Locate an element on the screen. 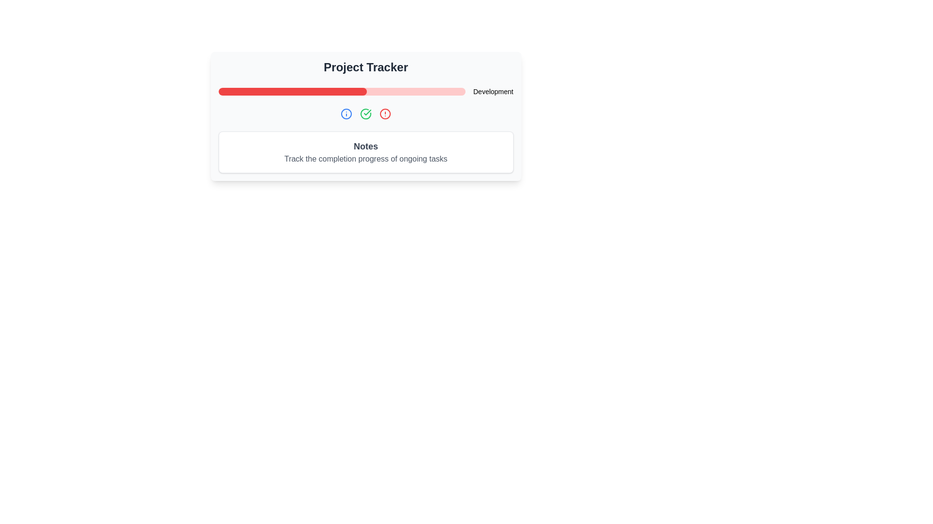 The width and height of the screenshot is (933, 524). the warning icon, which is a circular icon with a red border, located fourth from the left in a horizontal row of icons below the progress bar is located at coordinates (384, 114).